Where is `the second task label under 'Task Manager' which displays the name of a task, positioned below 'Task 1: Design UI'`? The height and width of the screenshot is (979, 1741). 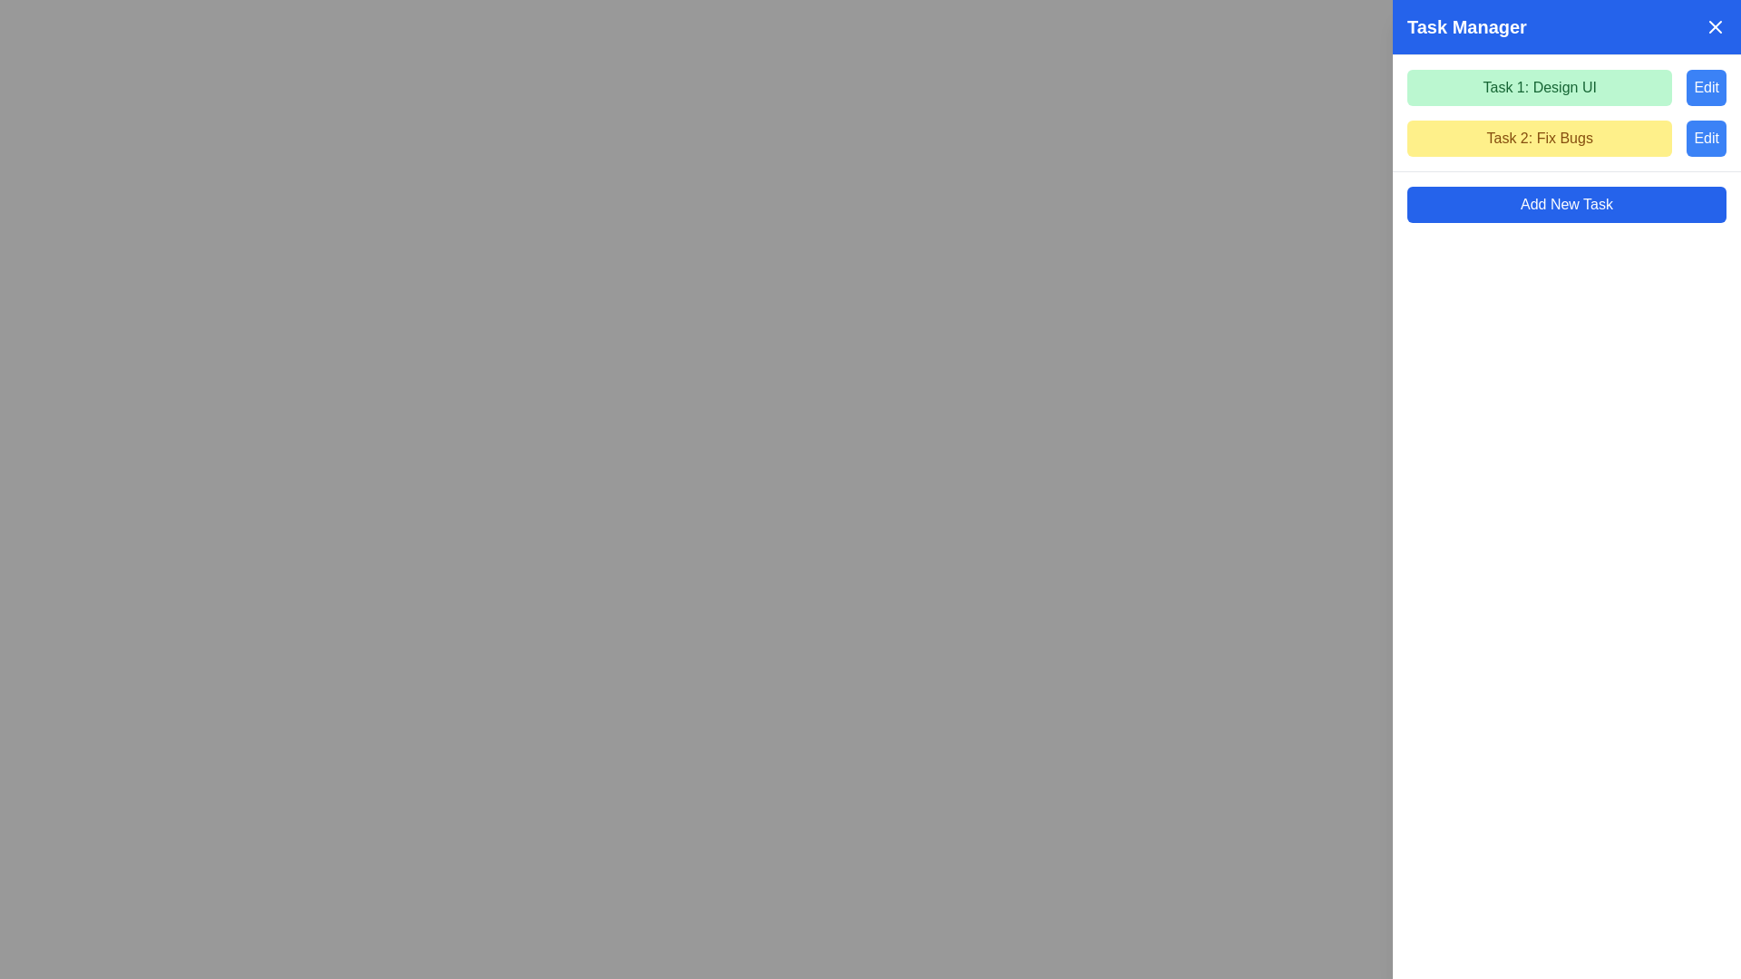
the second task label under 'Task Manager' which displays the name of a task, positioned below 'Task 1: Design UI' is located at coordinates (1539, 138).